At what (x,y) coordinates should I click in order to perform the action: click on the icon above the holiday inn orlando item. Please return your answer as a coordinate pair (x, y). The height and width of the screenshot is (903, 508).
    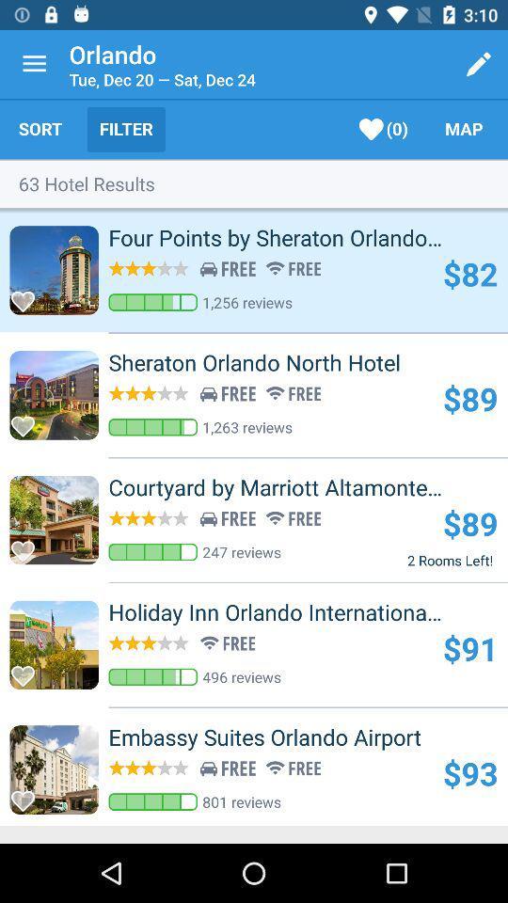
    Looking at the image, I should click on (449, 560).